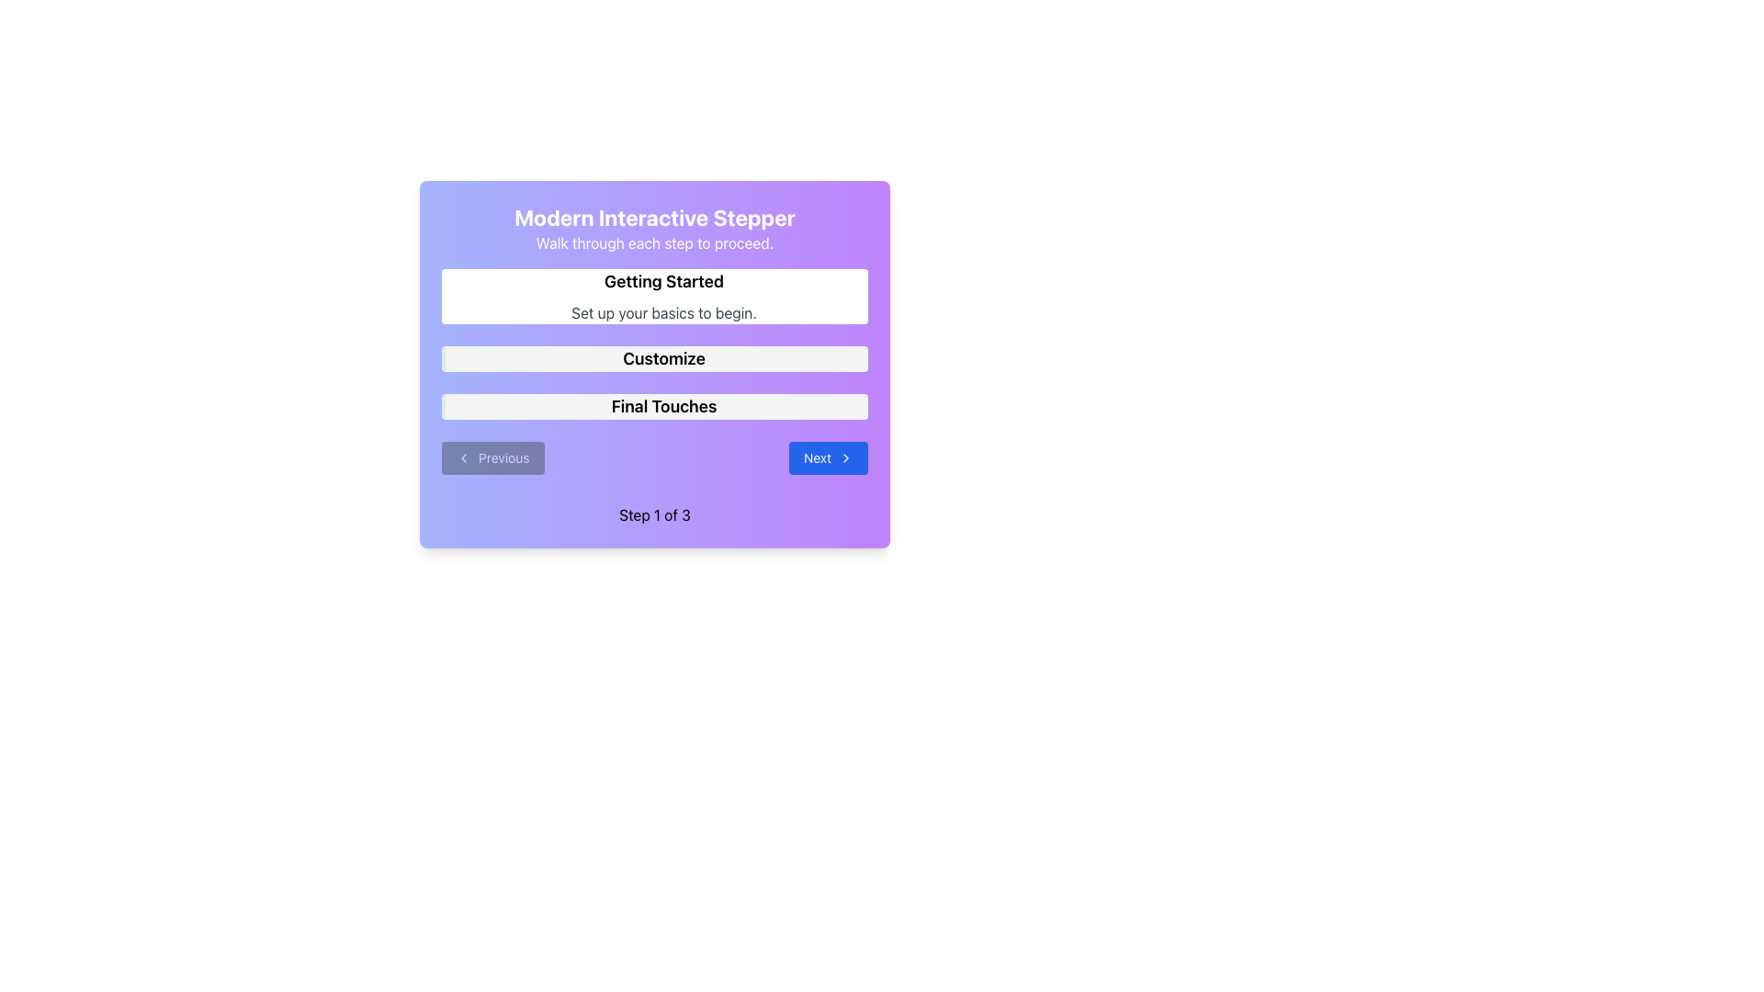  Describe the element at coordinates (845, 457) in the screenshot. I see `the navigation arrow icon located to the far right of the 'Next' button to proceed to the next step` at that location.